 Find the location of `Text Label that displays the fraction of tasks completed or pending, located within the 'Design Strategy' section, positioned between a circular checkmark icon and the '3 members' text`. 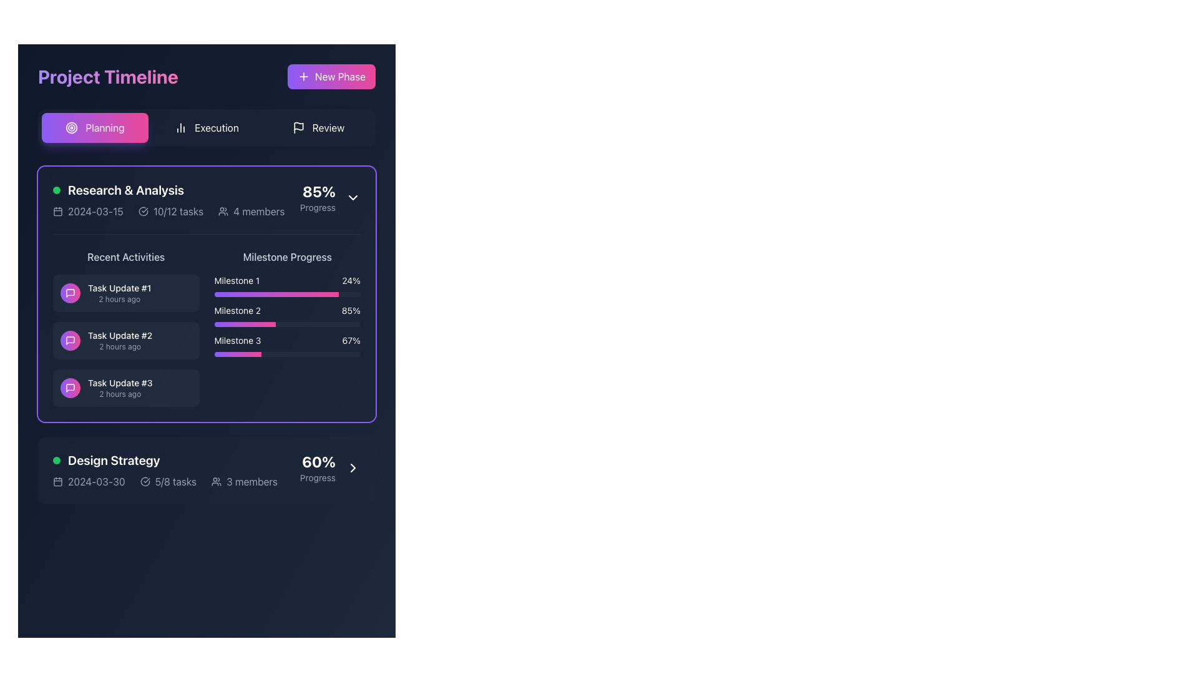

Text Label that displays the fraction of tasks completed or pending, located within the 'Design Strategy' section, positioned between a circular checkmark icon and the '3 members' text is located at coordinates (175, 481).